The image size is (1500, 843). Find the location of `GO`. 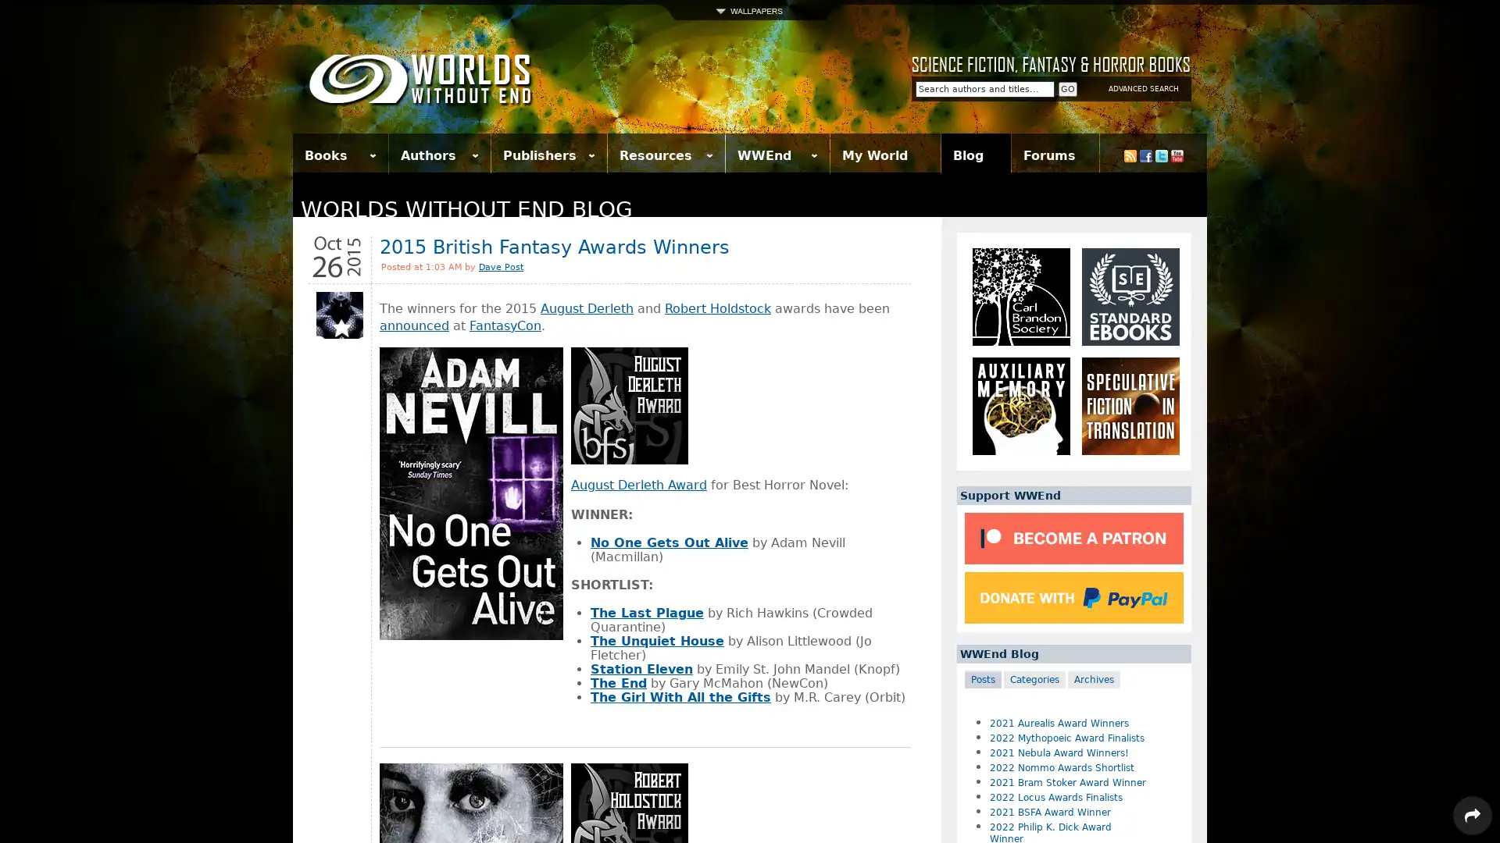

GO is located at coordinates (1067, 89).